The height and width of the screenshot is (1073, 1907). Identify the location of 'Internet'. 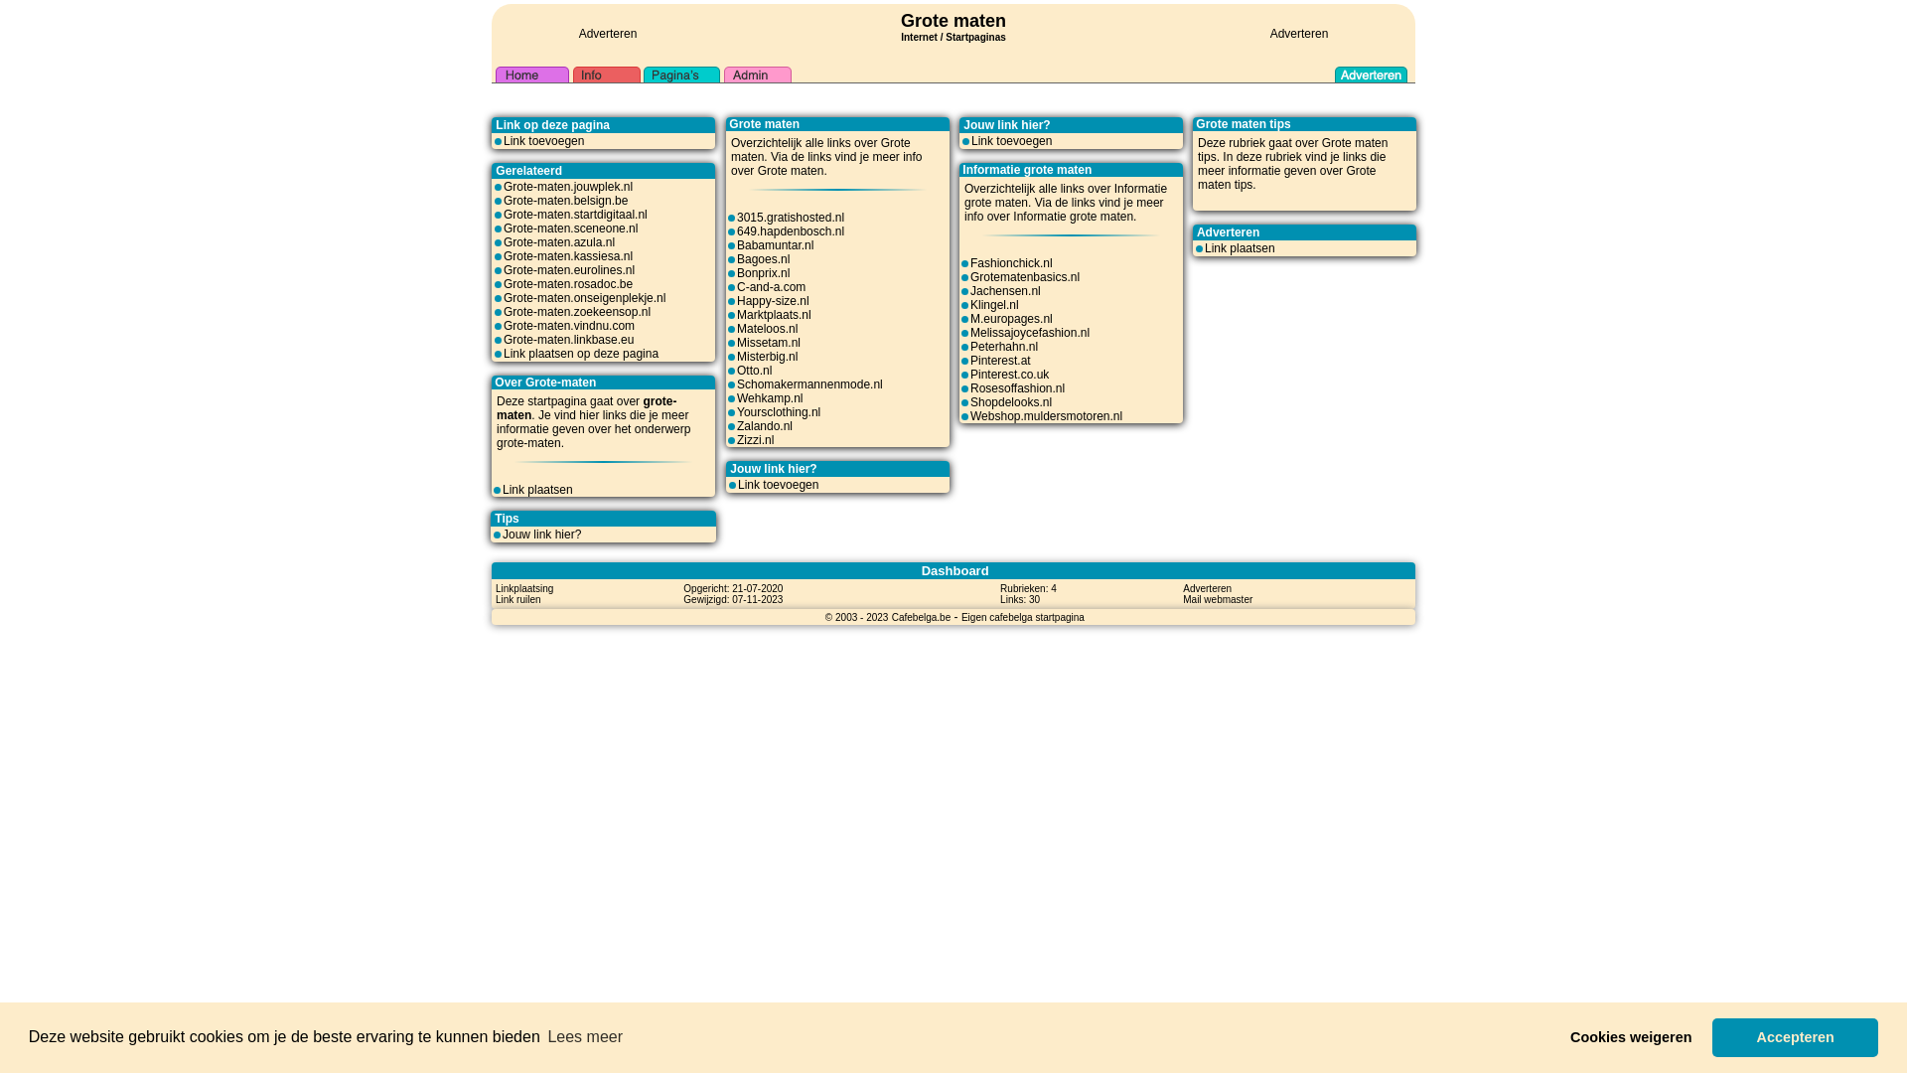
(918, 34).